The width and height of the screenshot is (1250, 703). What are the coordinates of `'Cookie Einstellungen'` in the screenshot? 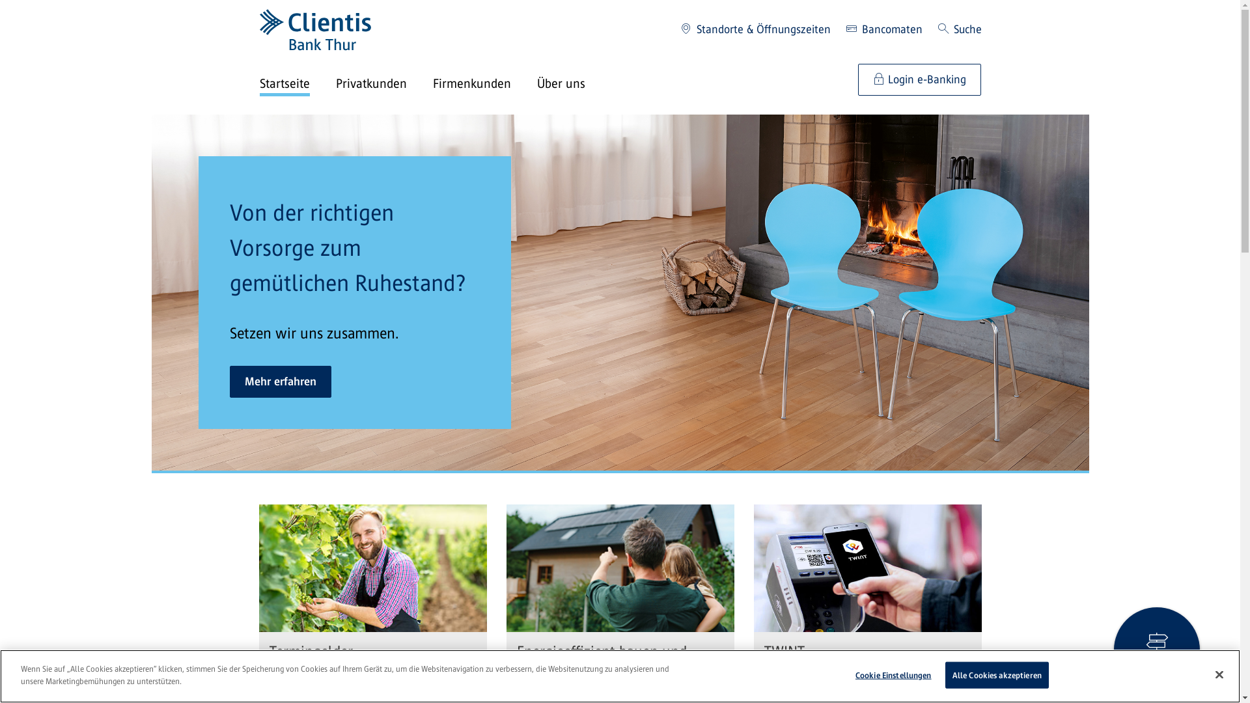 It's located at (893, 674).